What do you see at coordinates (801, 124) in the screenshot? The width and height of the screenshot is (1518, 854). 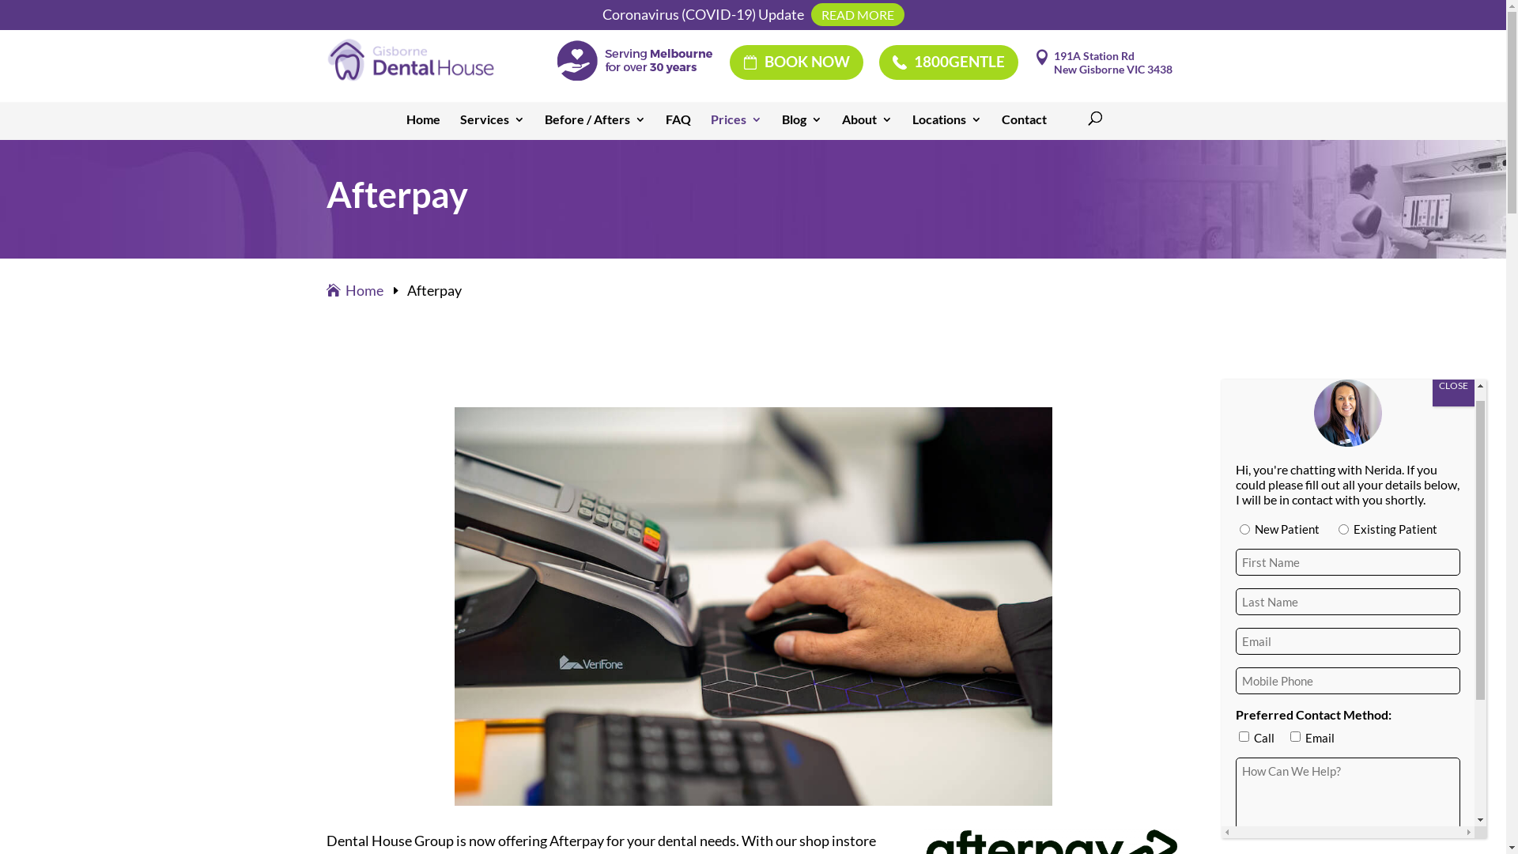 I see `'Blog'` at bounding box center [801, 124].